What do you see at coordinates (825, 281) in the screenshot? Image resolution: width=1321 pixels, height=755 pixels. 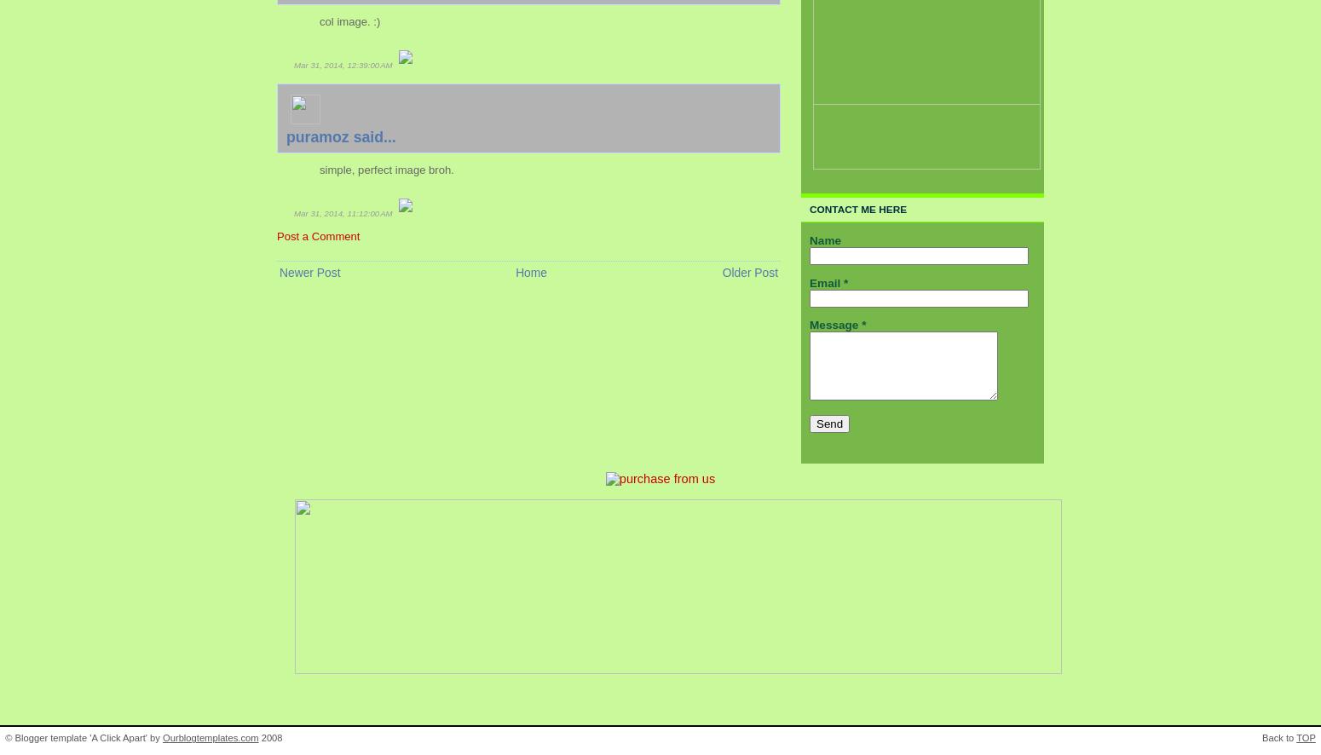 I see `'Email'` at bounding box center [825, 281].